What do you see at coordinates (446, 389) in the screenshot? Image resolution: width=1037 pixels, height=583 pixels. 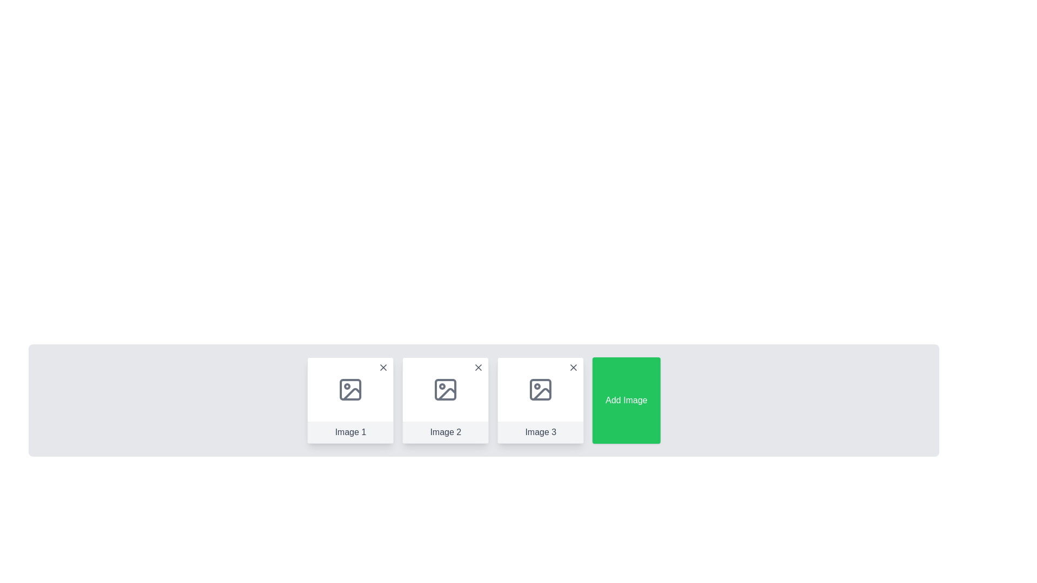 I see `the image placeholder icon located within the 'Image 2' card, which is the central icon among three similar icons representing images` at bounding box center [446, 389].